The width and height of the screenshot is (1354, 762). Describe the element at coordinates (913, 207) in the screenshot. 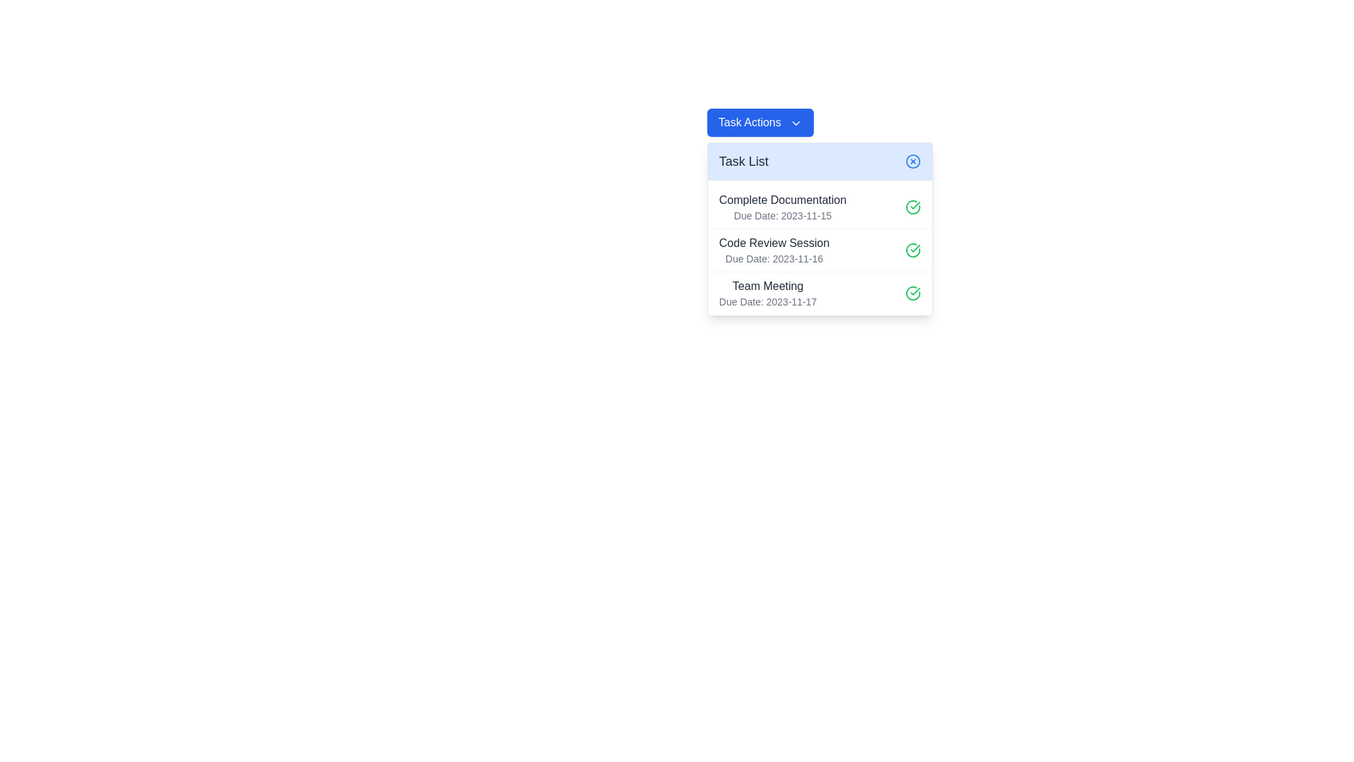

I see `the completion status icon for the 'Complete Documentation' task in the Task List interface` at that location.